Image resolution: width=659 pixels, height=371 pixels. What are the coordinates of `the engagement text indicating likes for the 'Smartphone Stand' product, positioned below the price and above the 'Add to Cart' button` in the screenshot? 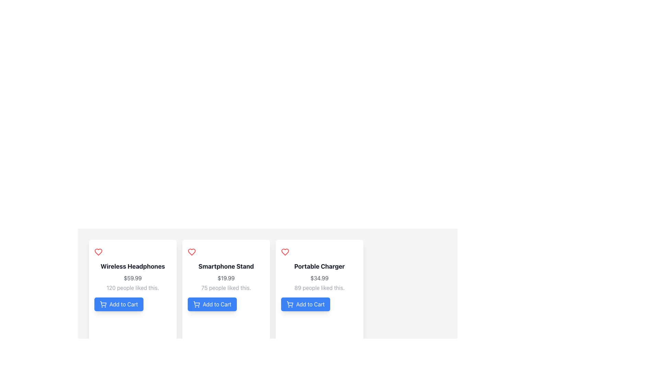 It's located at (226, 288).